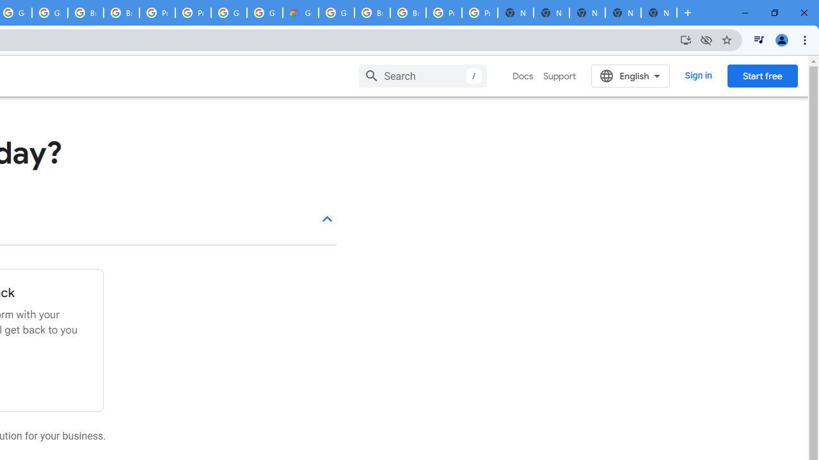 This screenshot has height=460, width=819. Describe the element at coordinates (762, 75) in the screenshot. I see `'Start free'` at that location.